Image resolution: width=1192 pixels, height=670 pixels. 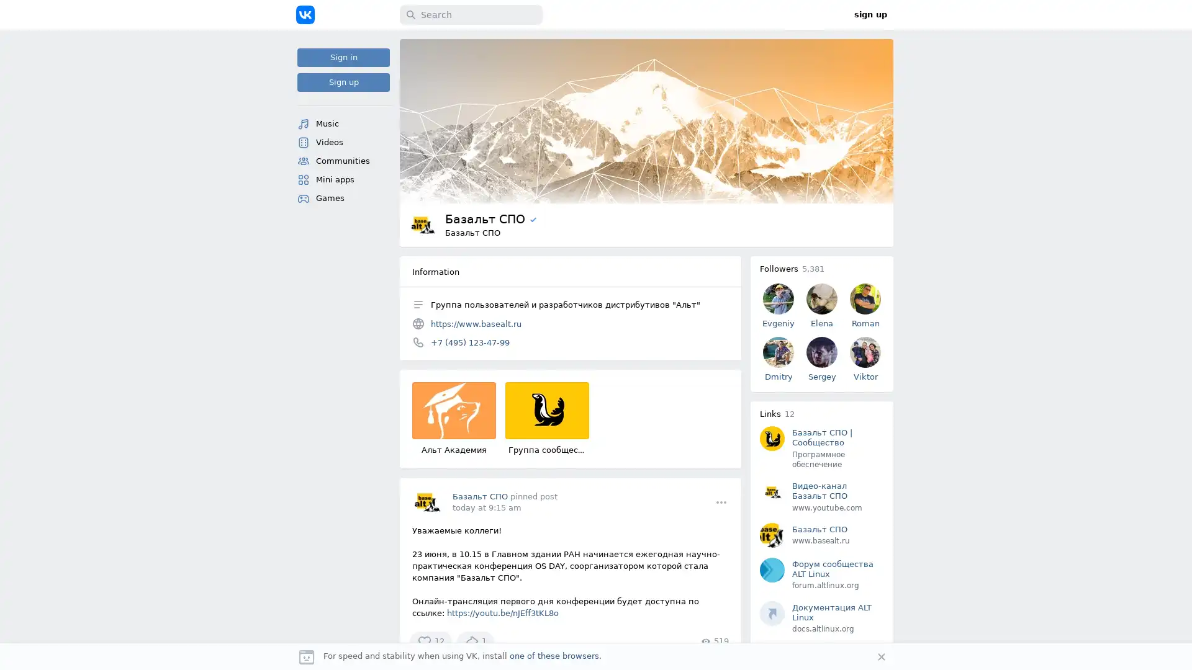 I want to click on Sign up, so click(x=343, y=82).